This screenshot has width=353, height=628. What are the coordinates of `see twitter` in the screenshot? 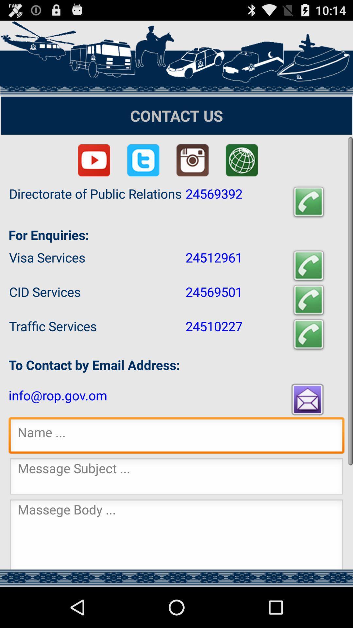 It's located at (143, 160).